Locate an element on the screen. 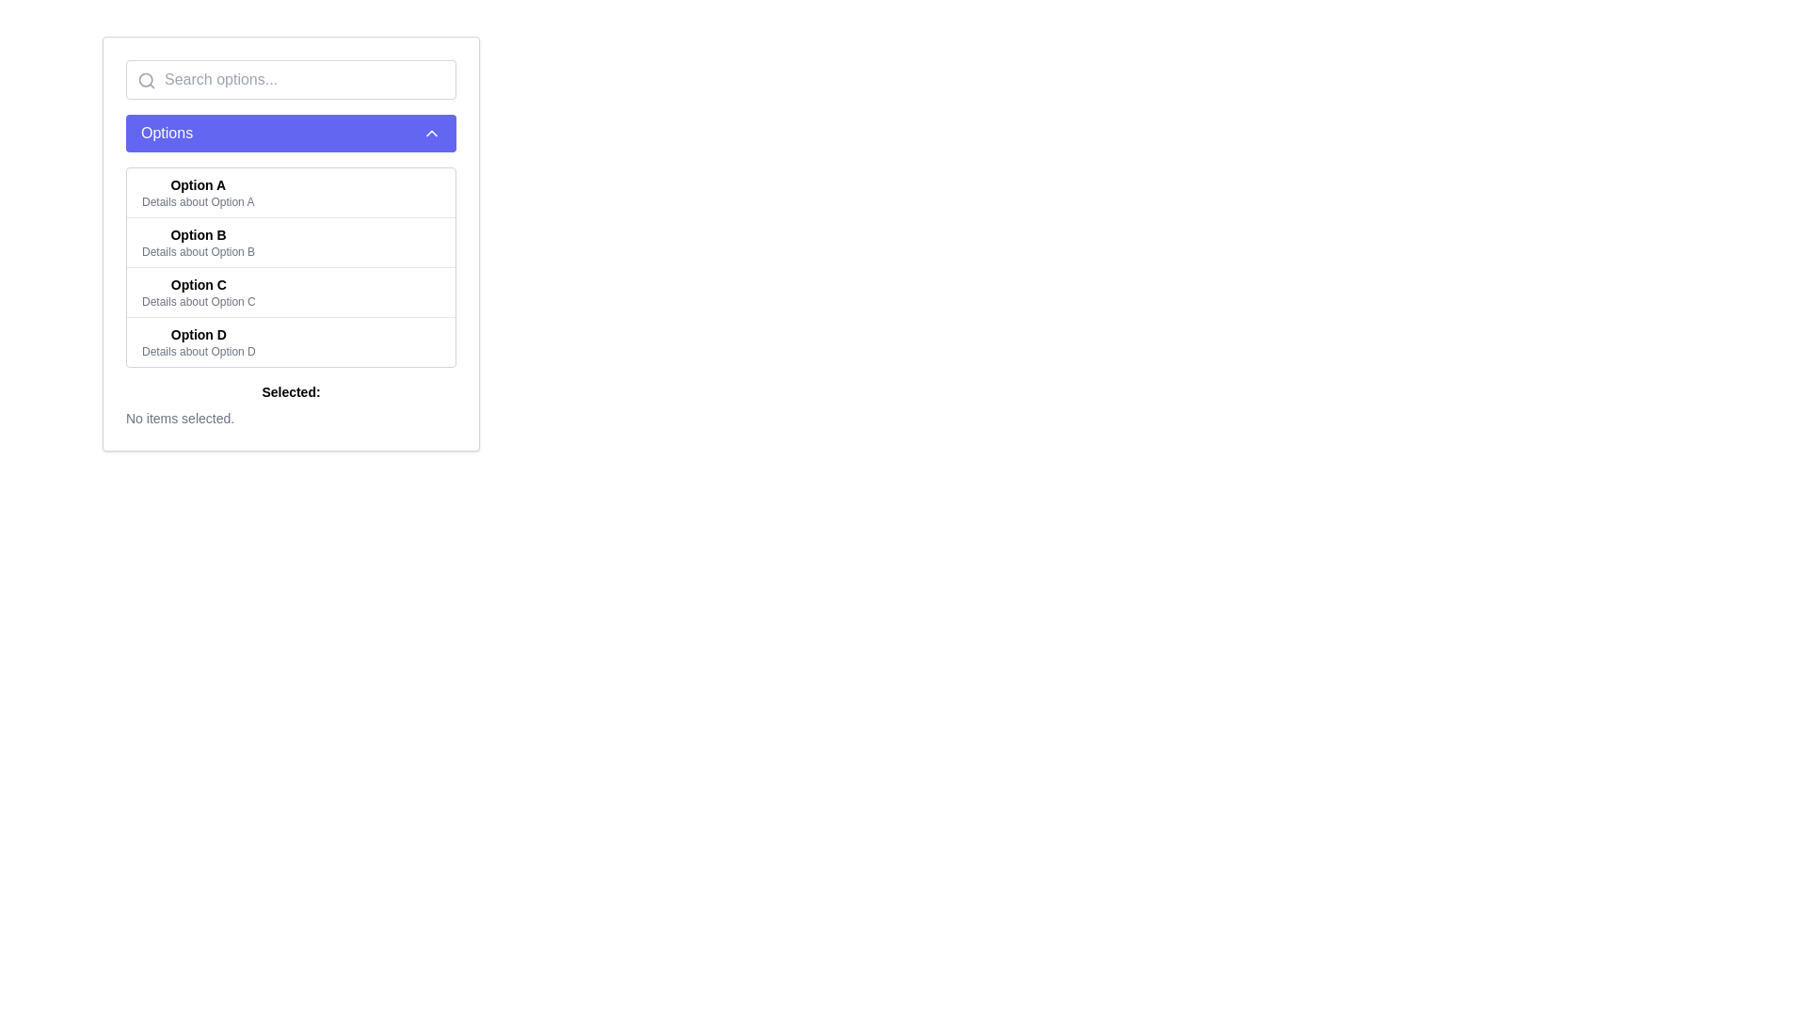 The height and width of the screenshot is (1016, 1807). to select the list item labeled 'Option C', which is the third item in the vertical list, positioned between 'Option B' and 'Option D' is located at coordinates (199, 293).